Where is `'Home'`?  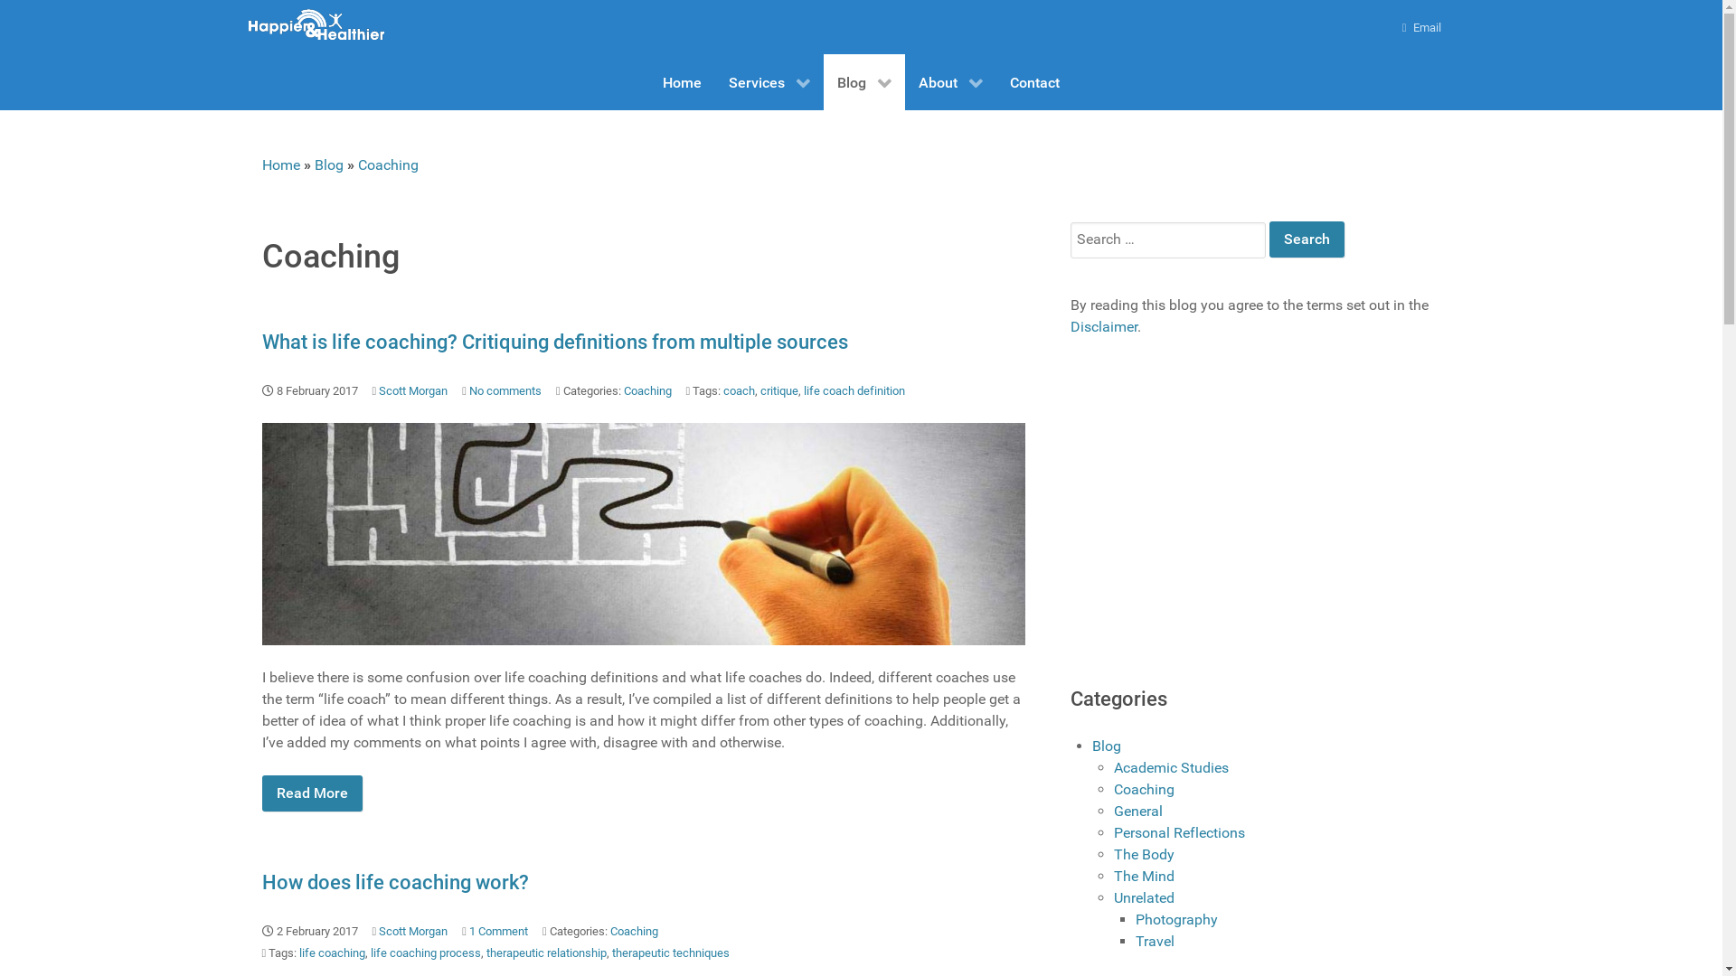
'Home' is located at coordinates (681, 82).